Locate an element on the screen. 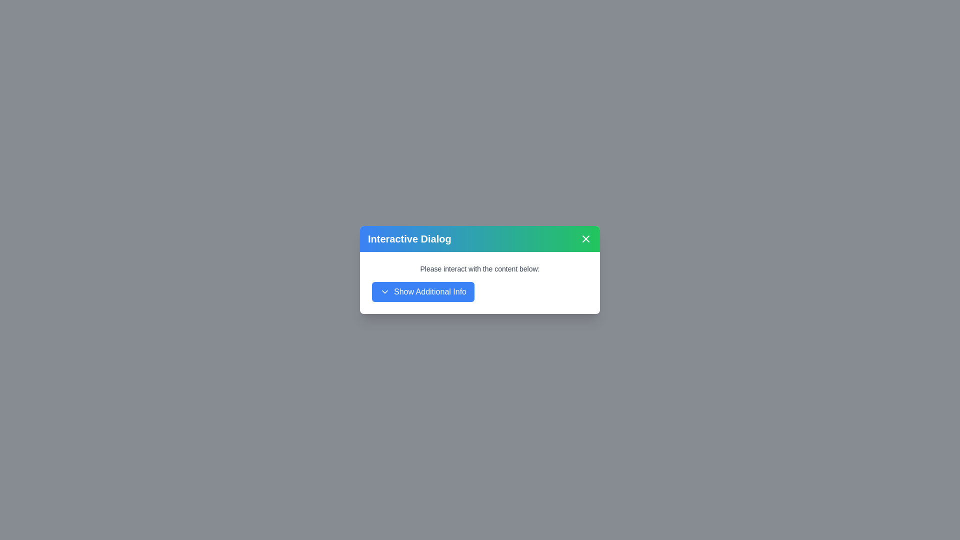 Image resolution: width=960 pixels, height=540 pixels. the small downward-facing chevron arrow icon located on the right side of the 'Show Additional Info' button is located at coordinates (384, 291).